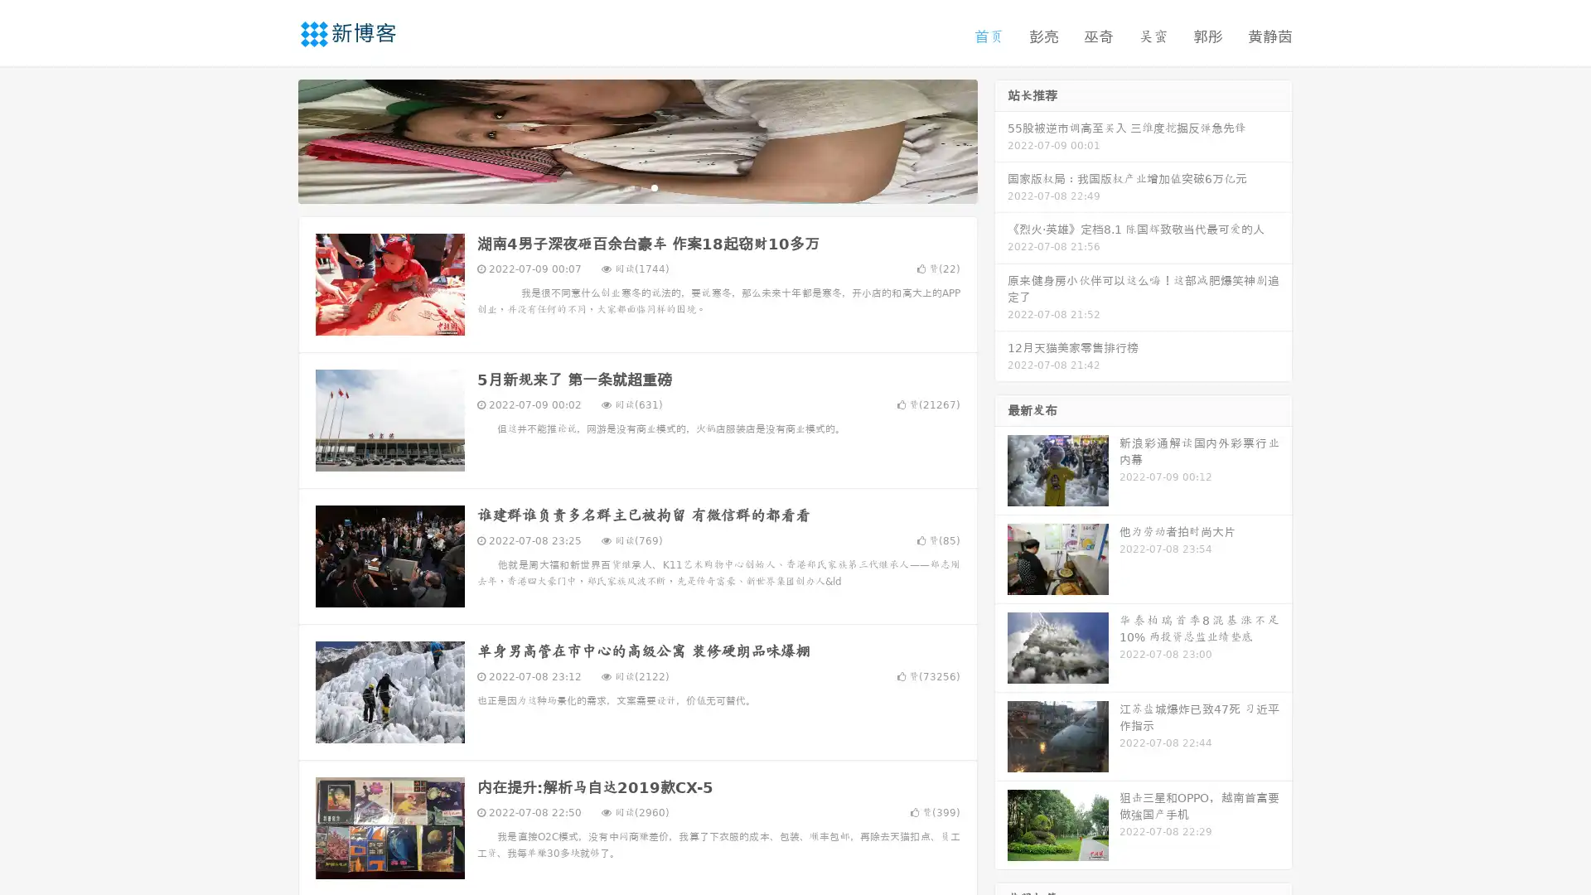 The width and height of the screenshot is (1591, 895). I want to click on Previous slide, so click(273, 139).